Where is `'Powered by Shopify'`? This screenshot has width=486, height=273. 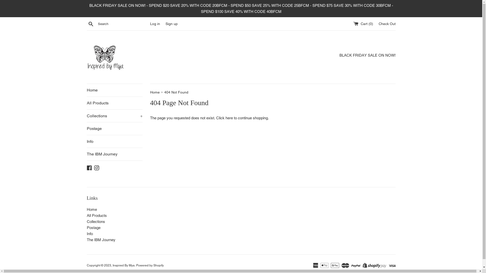
'Powered by Shopify' is located at coordinates (150, 265).